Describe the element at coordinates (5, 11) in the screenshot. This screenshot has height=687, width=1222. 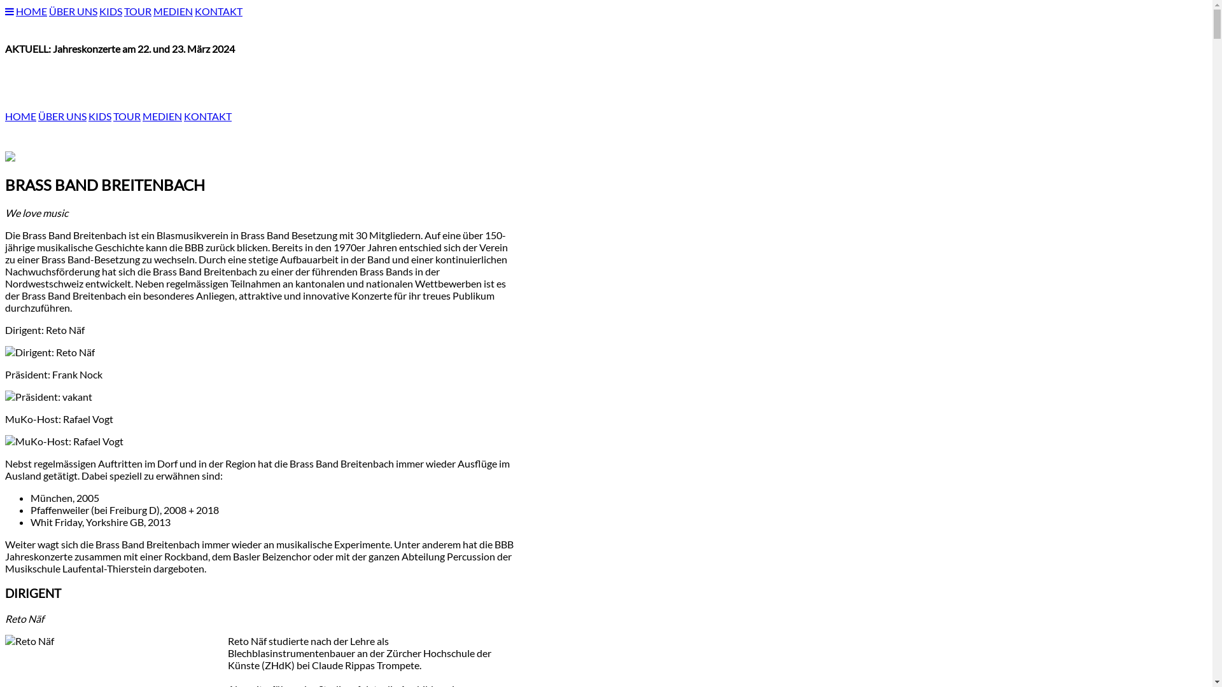
I see `'Toggle Navigation Menu'` at that location.